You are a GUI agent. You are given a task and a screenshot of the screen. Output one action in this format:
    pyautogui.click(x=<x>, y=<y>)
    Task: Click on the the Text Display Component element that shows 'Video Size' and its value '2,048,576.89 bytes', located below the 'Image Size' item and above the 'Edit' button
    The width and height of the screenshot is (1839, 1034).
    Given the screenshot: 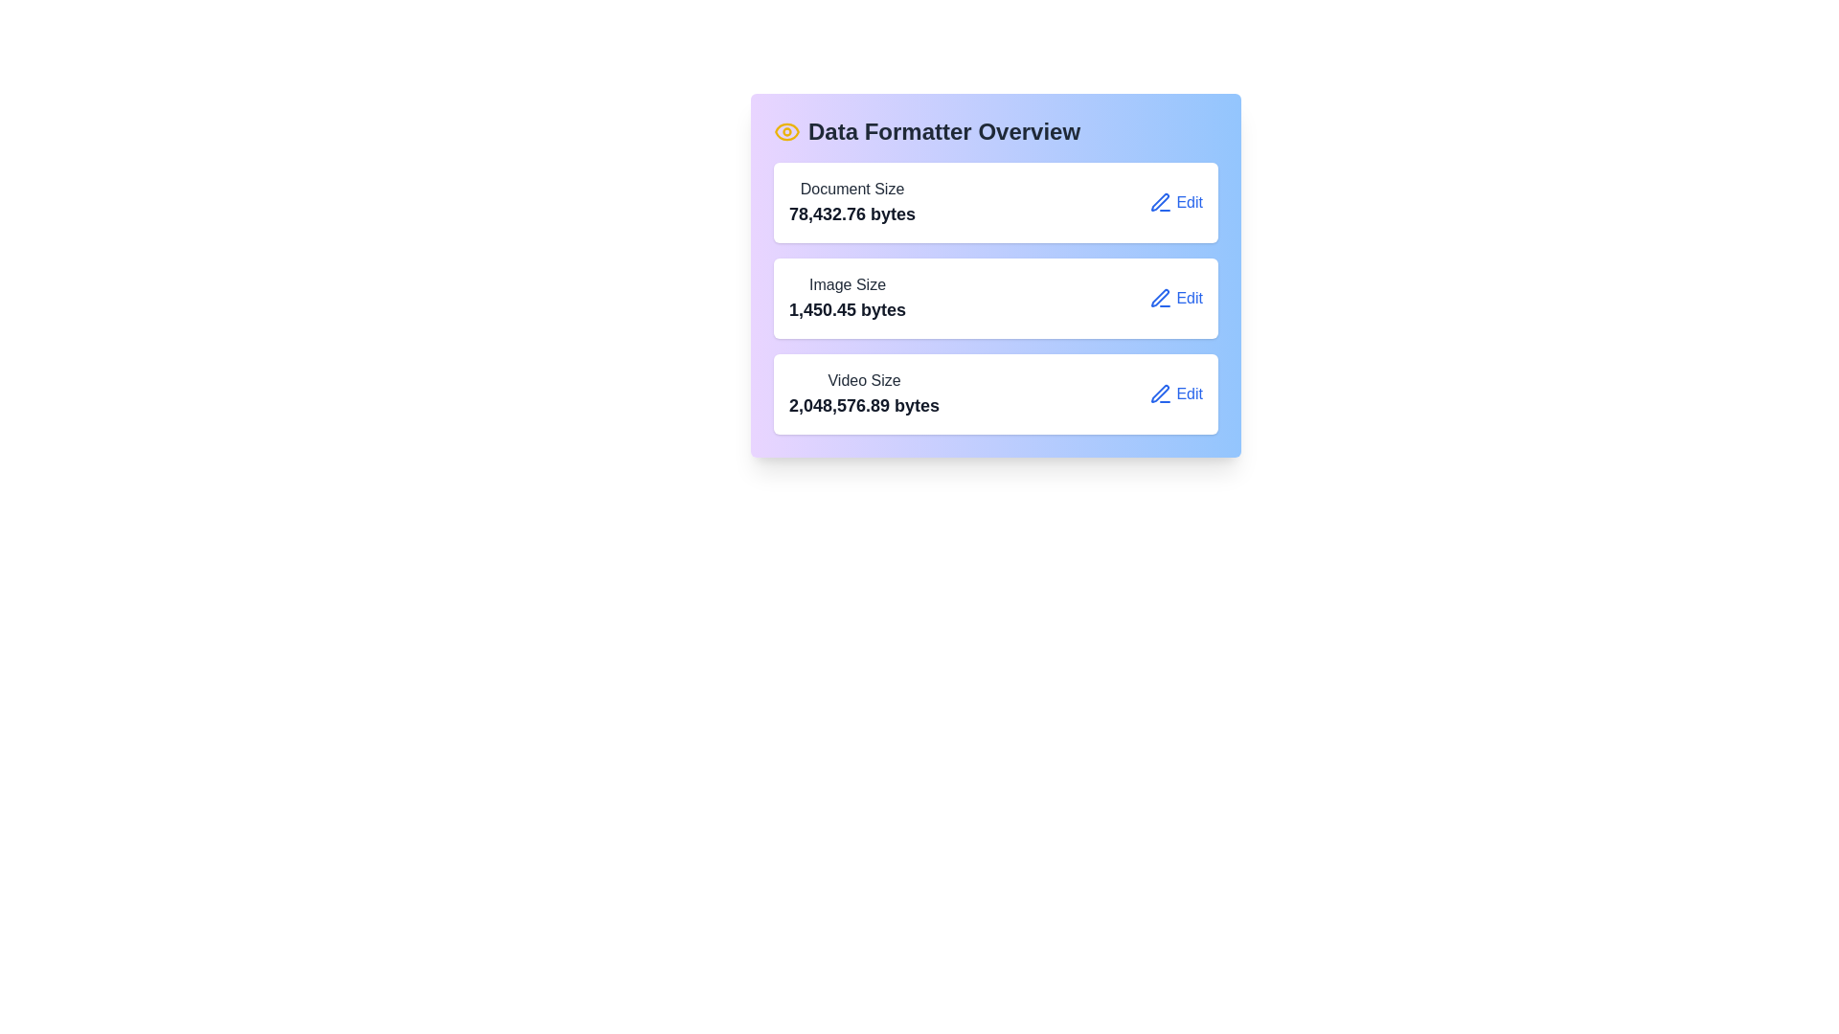 What is the action you would take?
    pyautogui.click(x=863, y=393)
    